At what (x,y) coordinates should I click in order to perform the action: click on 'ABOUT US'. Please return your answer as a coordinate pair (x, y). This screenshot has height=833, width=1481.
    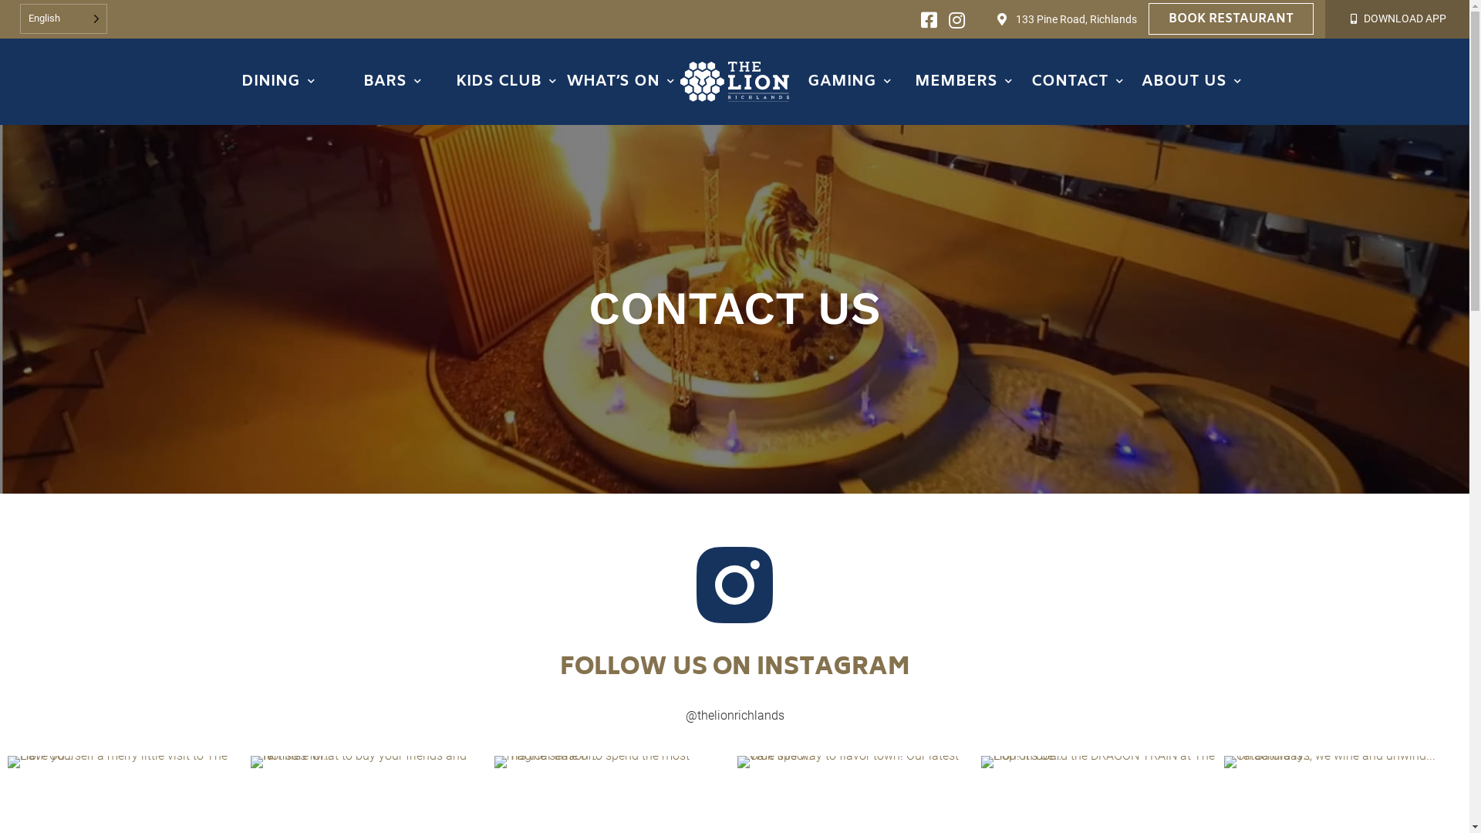
    Looking at the image, I should click on (1191, 81).